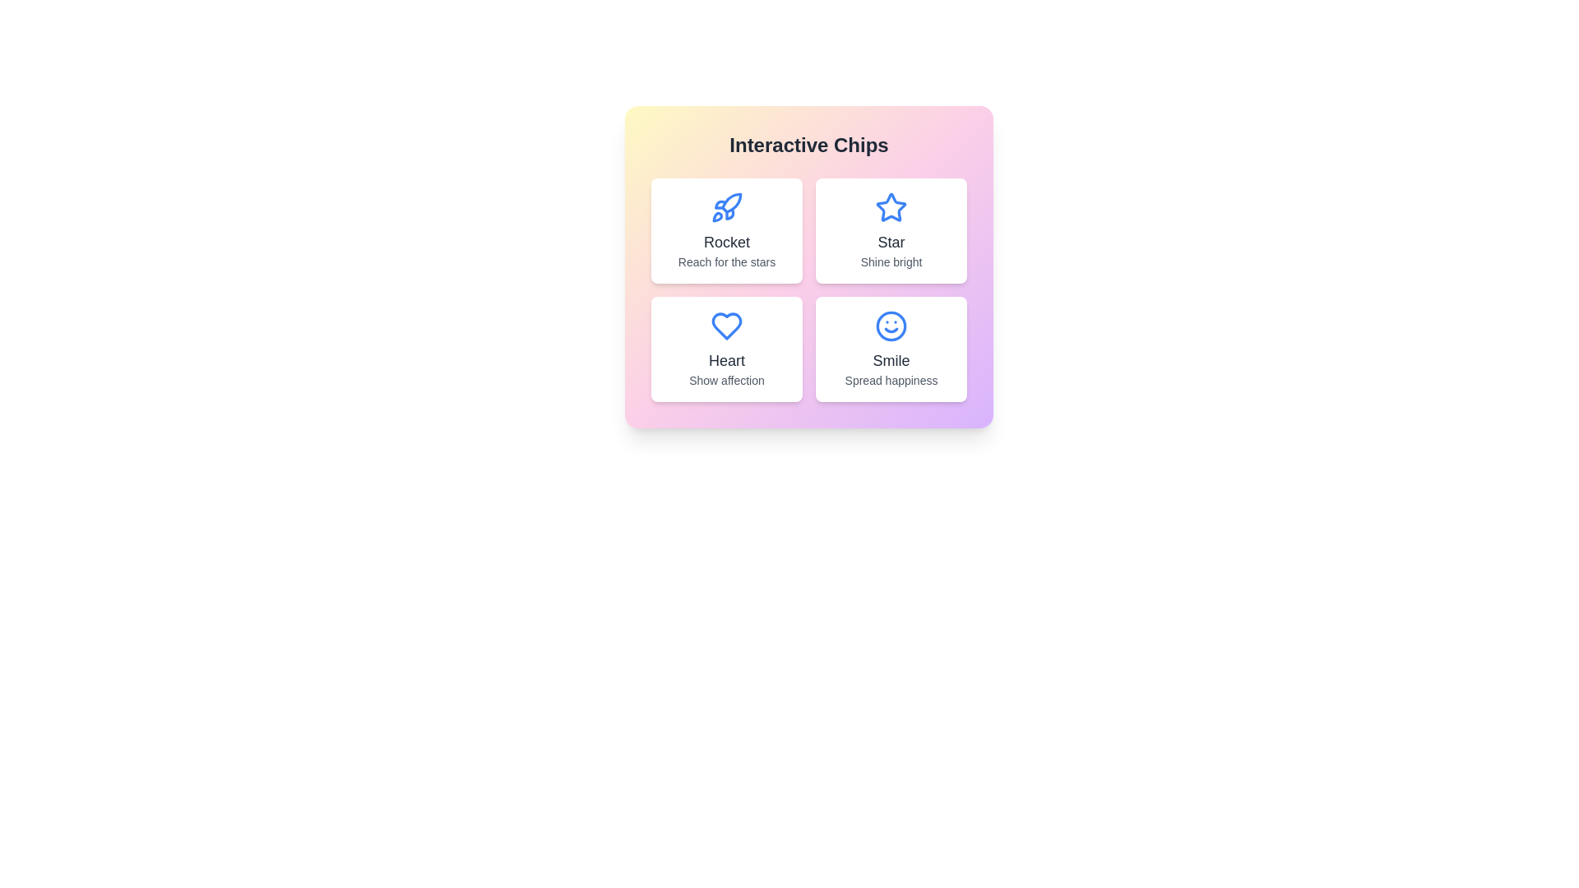 The width and height of the screenshot is (1579, 888). What do you see at coordinates (808, 145) in the screenshot?
I see `the title text 'Interactive Chips' to focus on it` at bounding box center [808, 145].